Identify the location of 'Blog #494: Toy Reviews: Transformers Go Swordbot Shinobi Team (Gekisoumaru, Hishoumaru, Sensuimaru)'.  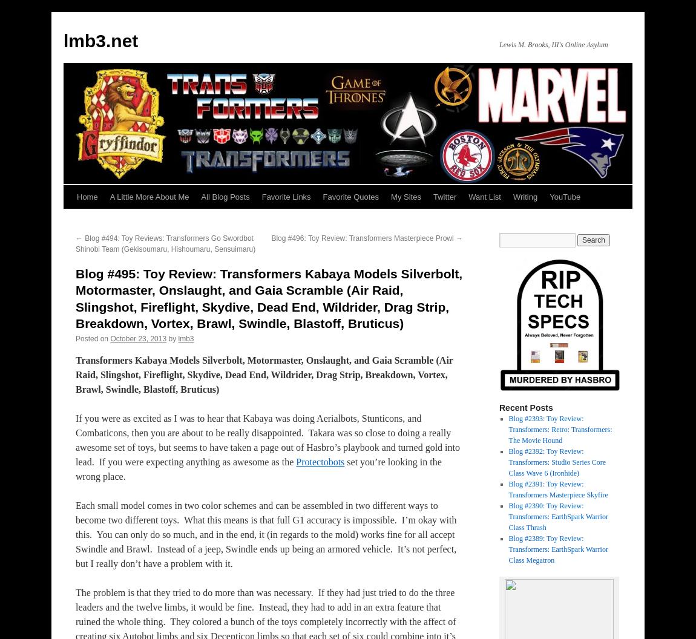
(75, 243).